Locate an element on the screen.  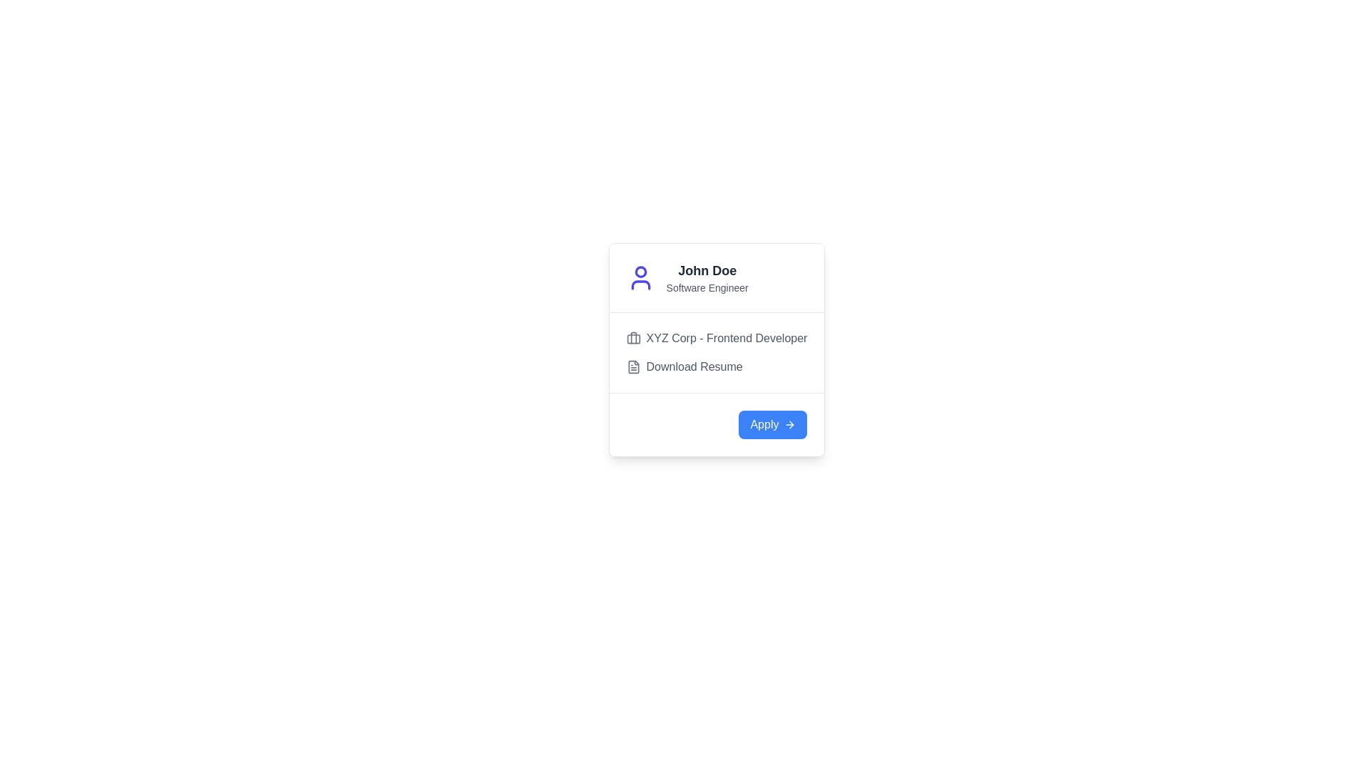
the clickable text with a document icon labeled 'Download Resume' located beneath the title 'XYZ Corp - Frontend Developer' to initiate the resume download is located at coordinates (717, 366).